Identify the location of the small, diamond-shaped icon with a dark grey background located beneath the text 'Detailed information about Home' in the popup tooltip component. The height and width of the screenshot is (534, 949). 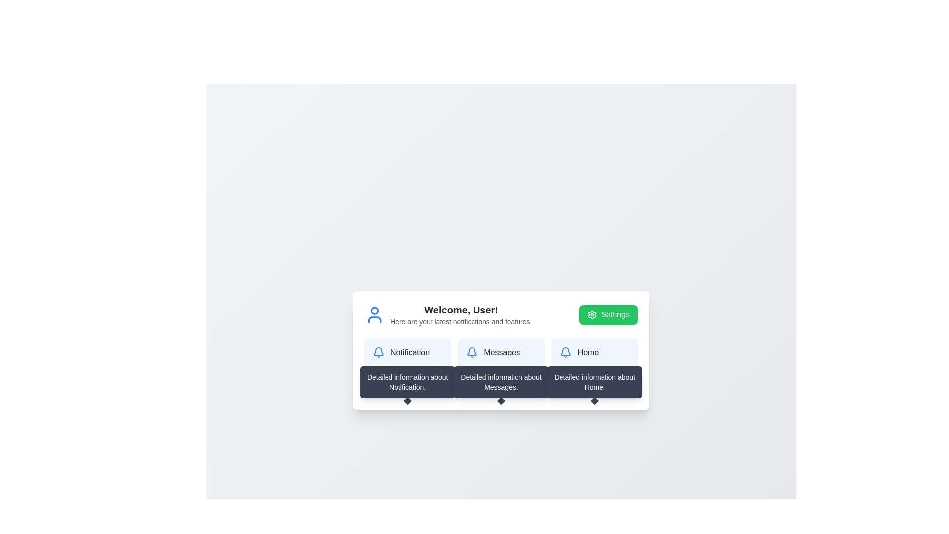
(594, 400).